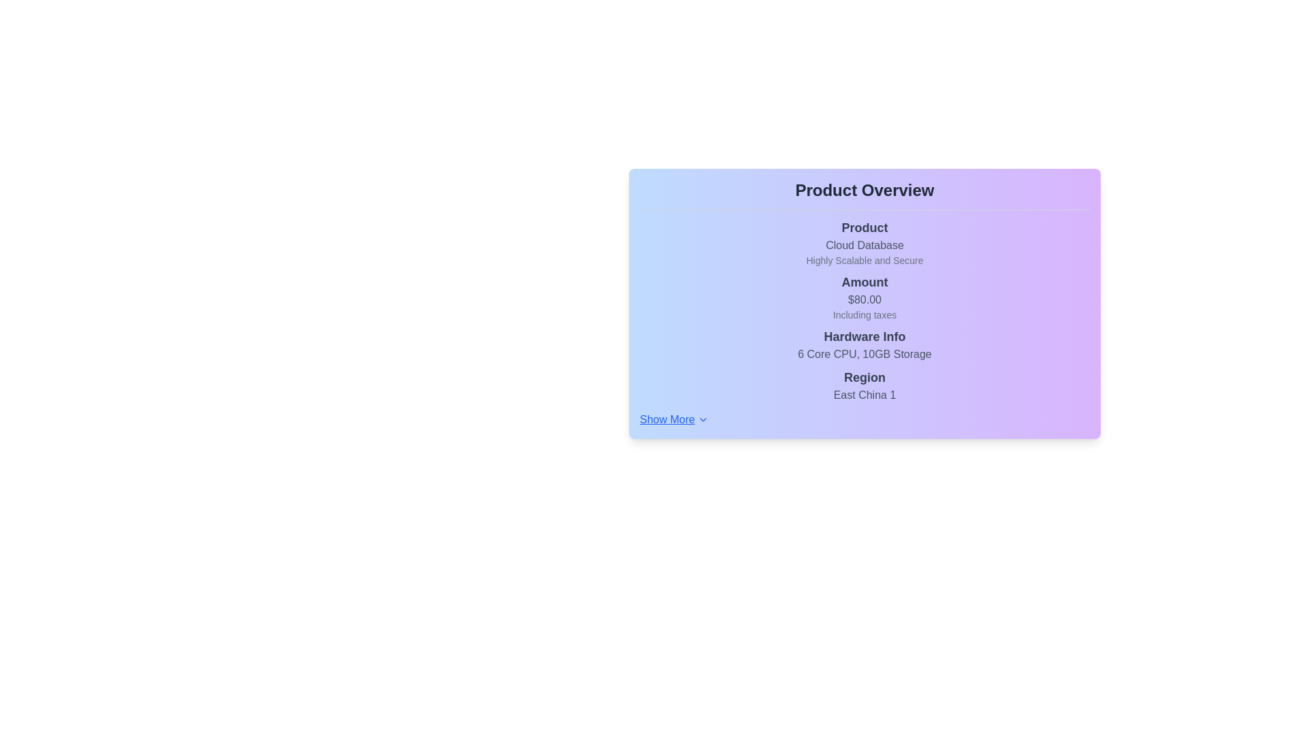 The width and height of the screenshot is (1307, 735). I want to click on the text label displaying '6 Core CPU, 10GB Storage' that is located under the 'Hardware Info' heading, so click(864, 353).